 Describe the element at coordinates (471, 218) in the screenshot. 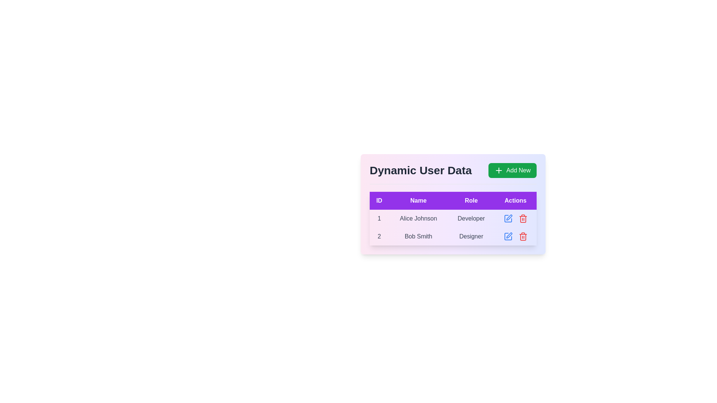

I see `text label 'Developer' located in the first row and third column of the table, which is styled in bold and dark typography` at that location.